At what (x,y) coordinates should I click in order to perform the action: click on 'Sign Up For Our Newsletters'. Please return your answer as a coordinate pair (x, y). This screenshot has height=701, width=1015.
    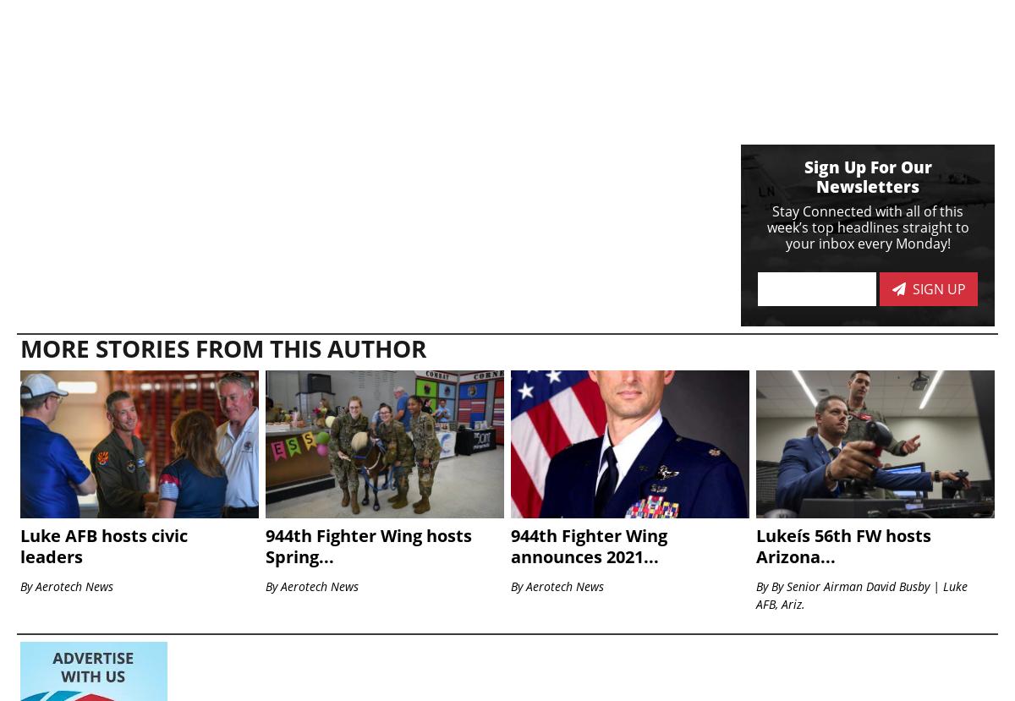
    Looking at the image, I should click on (867, 175).